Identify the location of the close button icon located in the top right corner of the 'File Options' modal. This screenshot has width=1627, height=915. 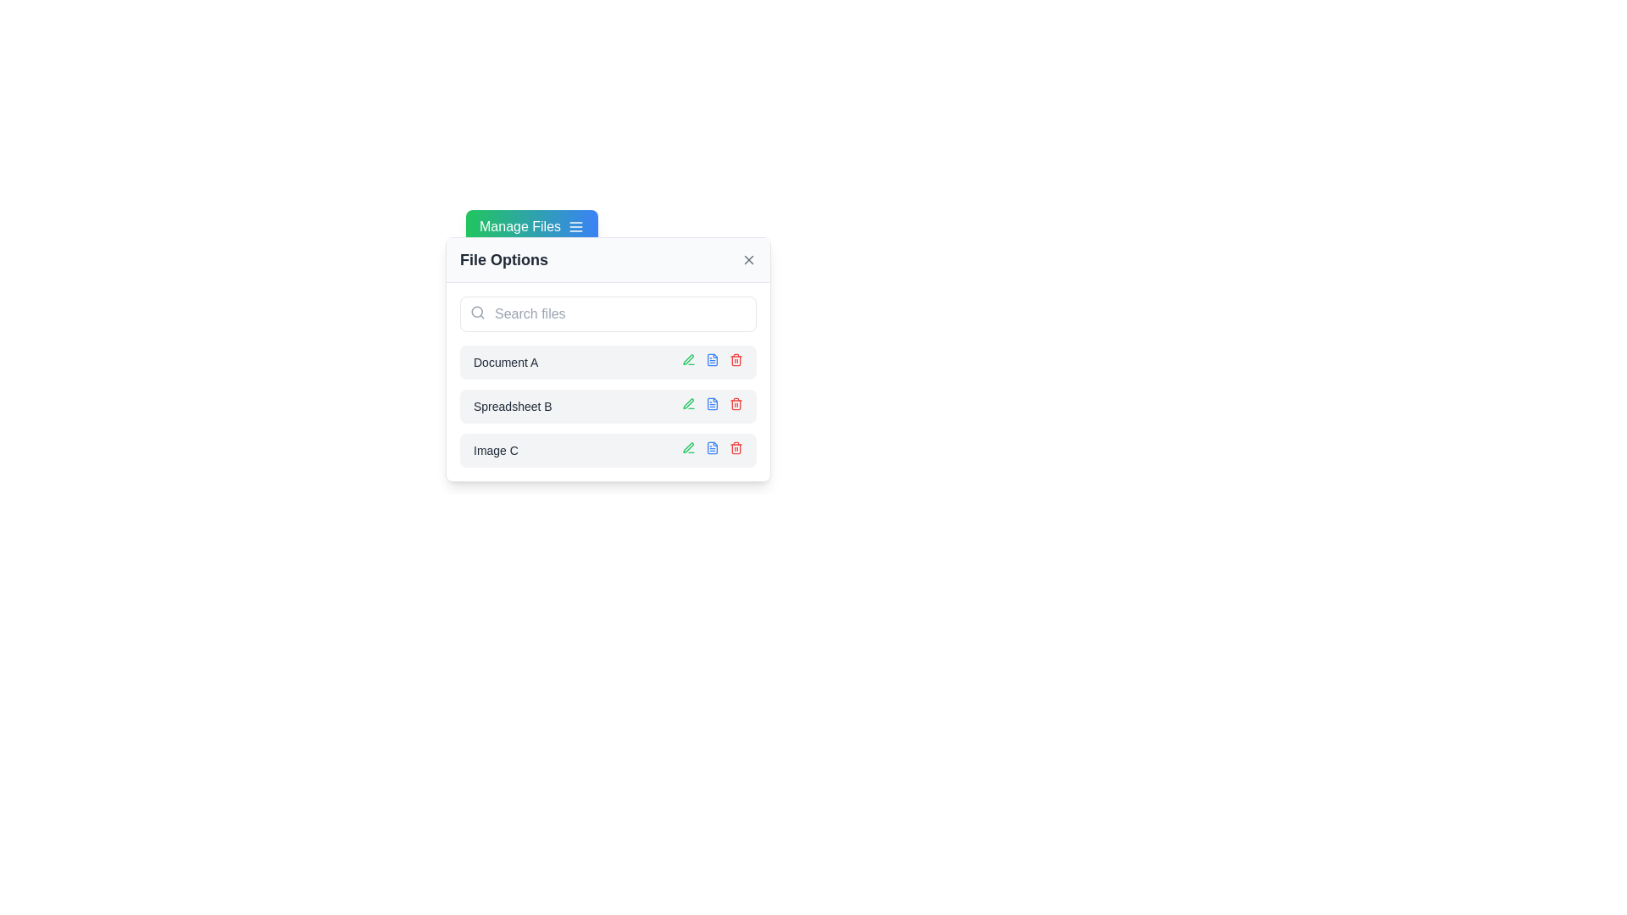
(747, 260).